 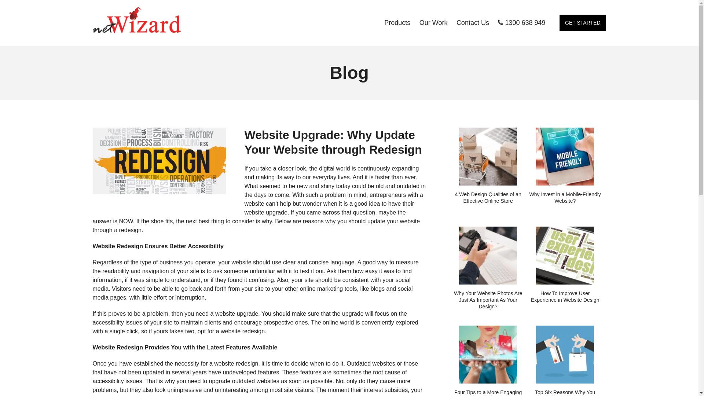 What do you see at coordinates (473, 22) in the screenshot?
I see `'Contact Us'` at bounding box center [473, 22].